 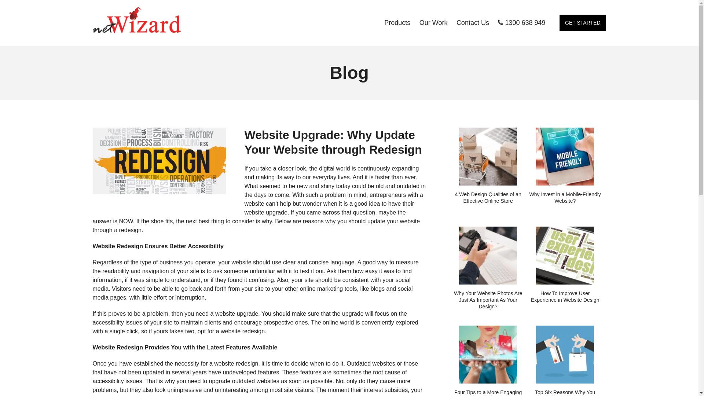 What do you see at coordinates (473, 22) in the screenshot?
I see `'Contact Us'` at bounding box center [473, 22].